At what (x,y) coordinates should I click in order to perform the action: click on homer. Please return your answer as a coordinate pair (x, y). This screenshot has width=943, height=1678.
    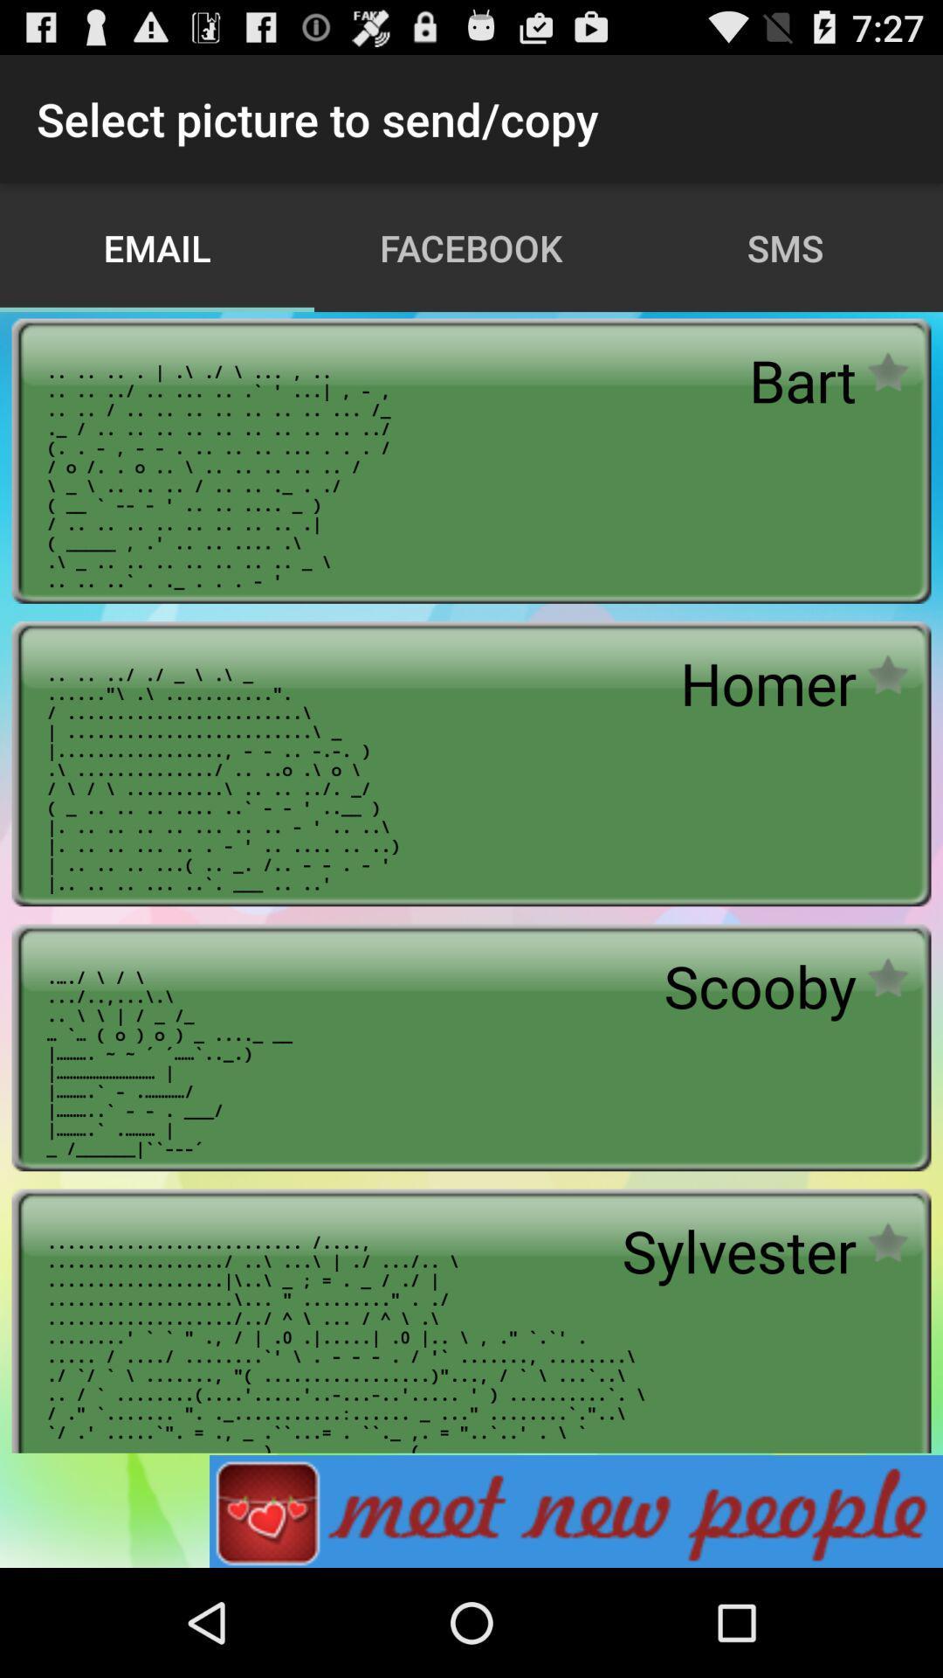
    Looking at the image, I should click on (767, 682).